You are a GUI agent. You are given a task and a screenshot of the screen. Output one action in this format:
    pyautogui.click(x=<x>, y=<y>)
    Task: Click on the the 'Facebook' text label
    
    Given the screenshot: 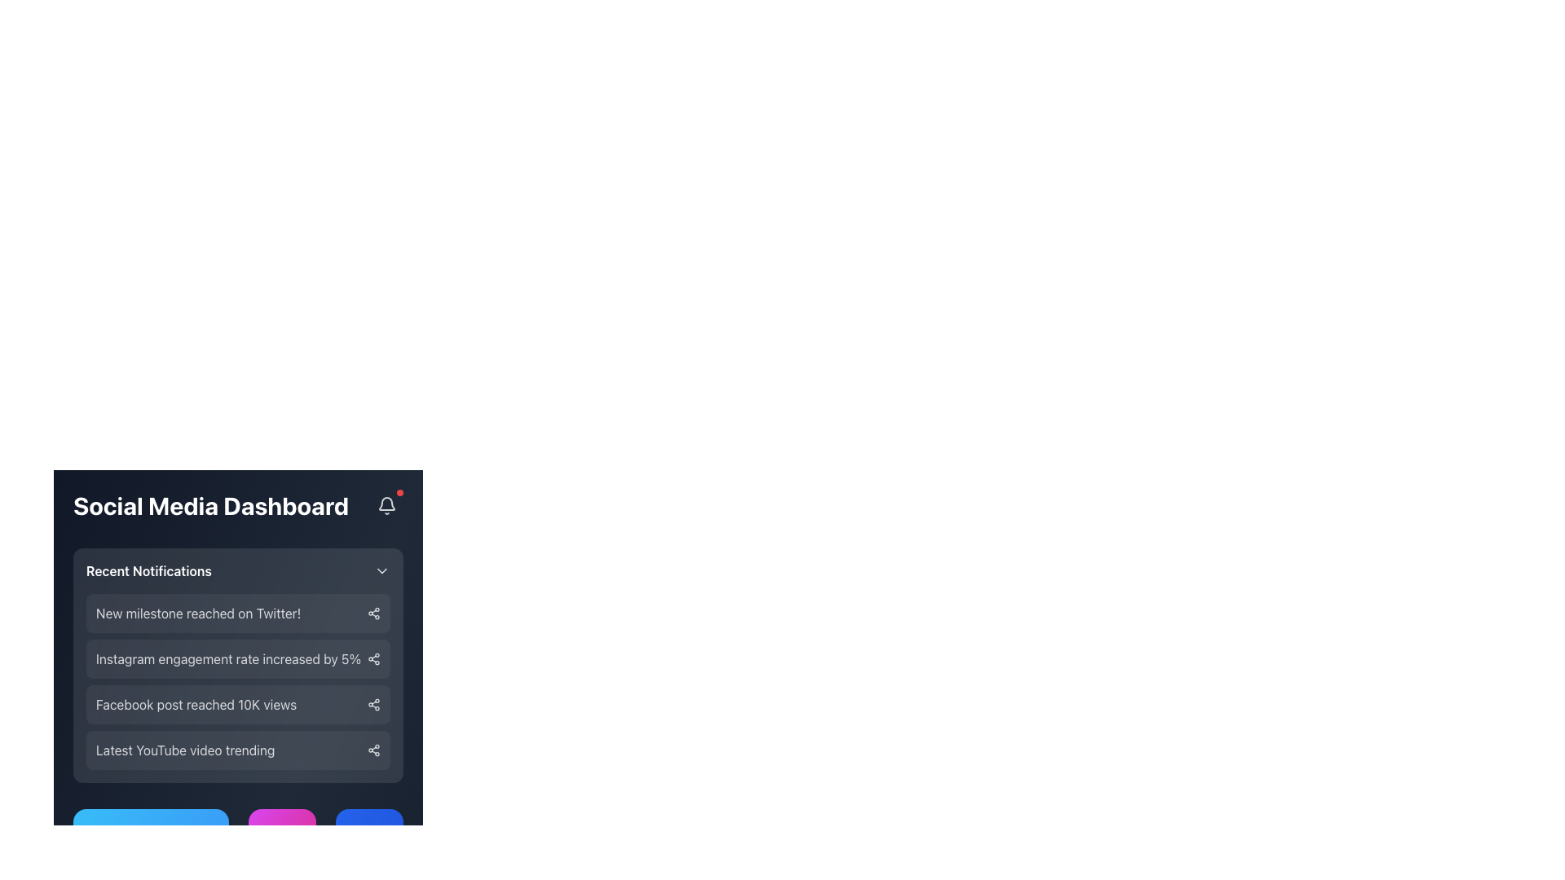 What is the action you would take?
    pyautogui.click(x=368, y=842)
    